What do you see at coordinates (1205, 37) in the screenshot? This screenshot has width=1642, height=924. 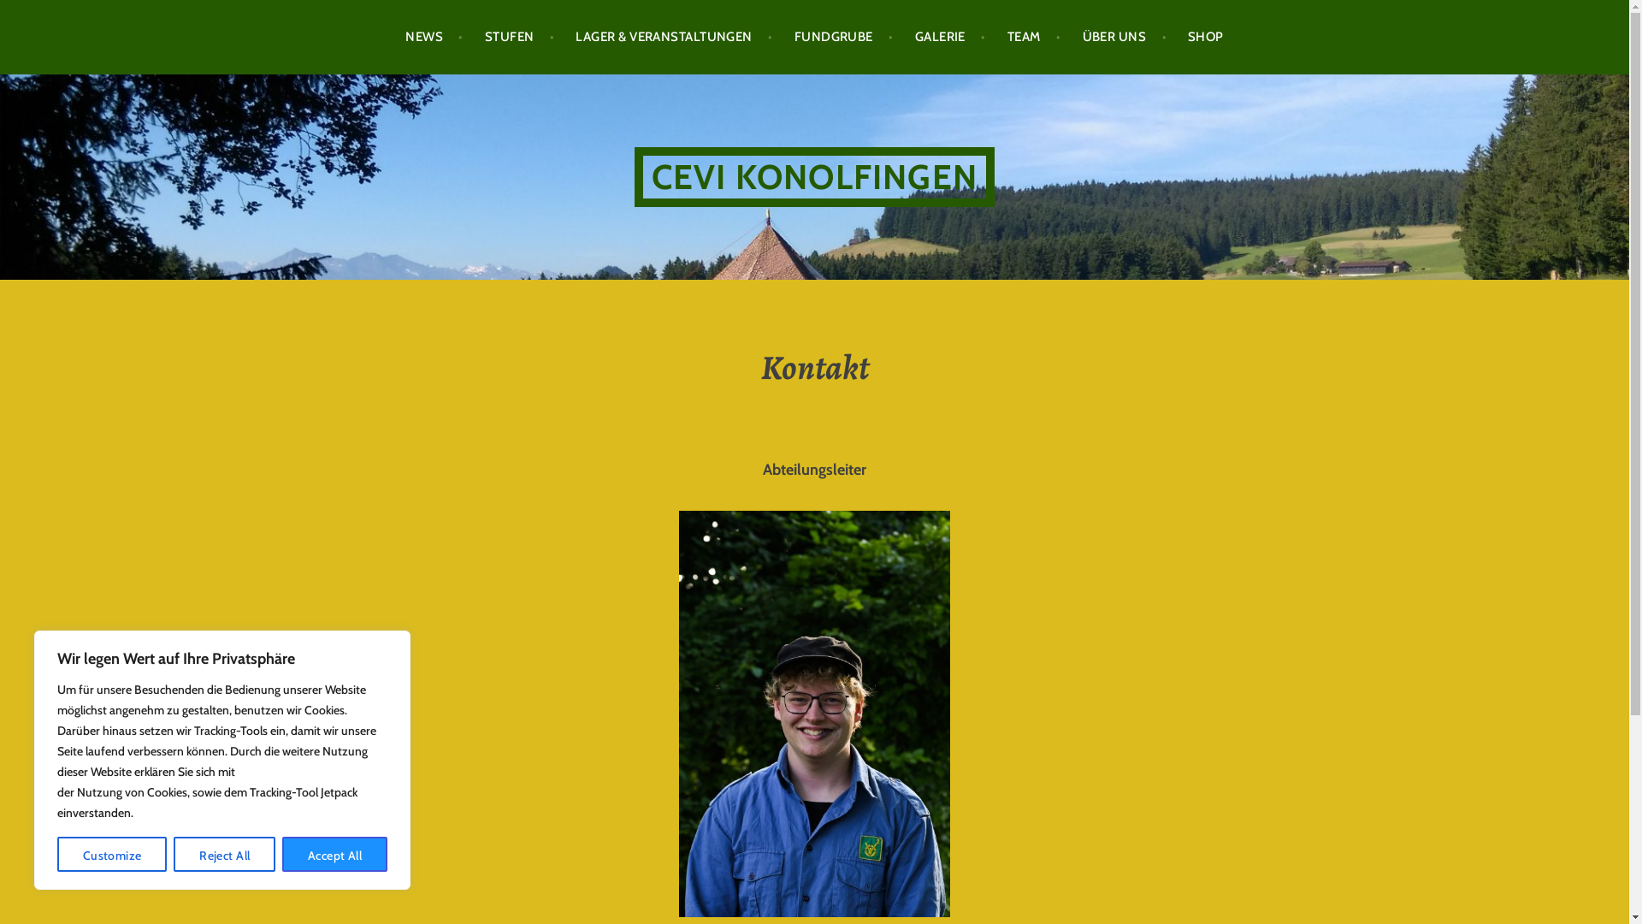 I see `'SHOP'` at bounding box center [1205, 37].